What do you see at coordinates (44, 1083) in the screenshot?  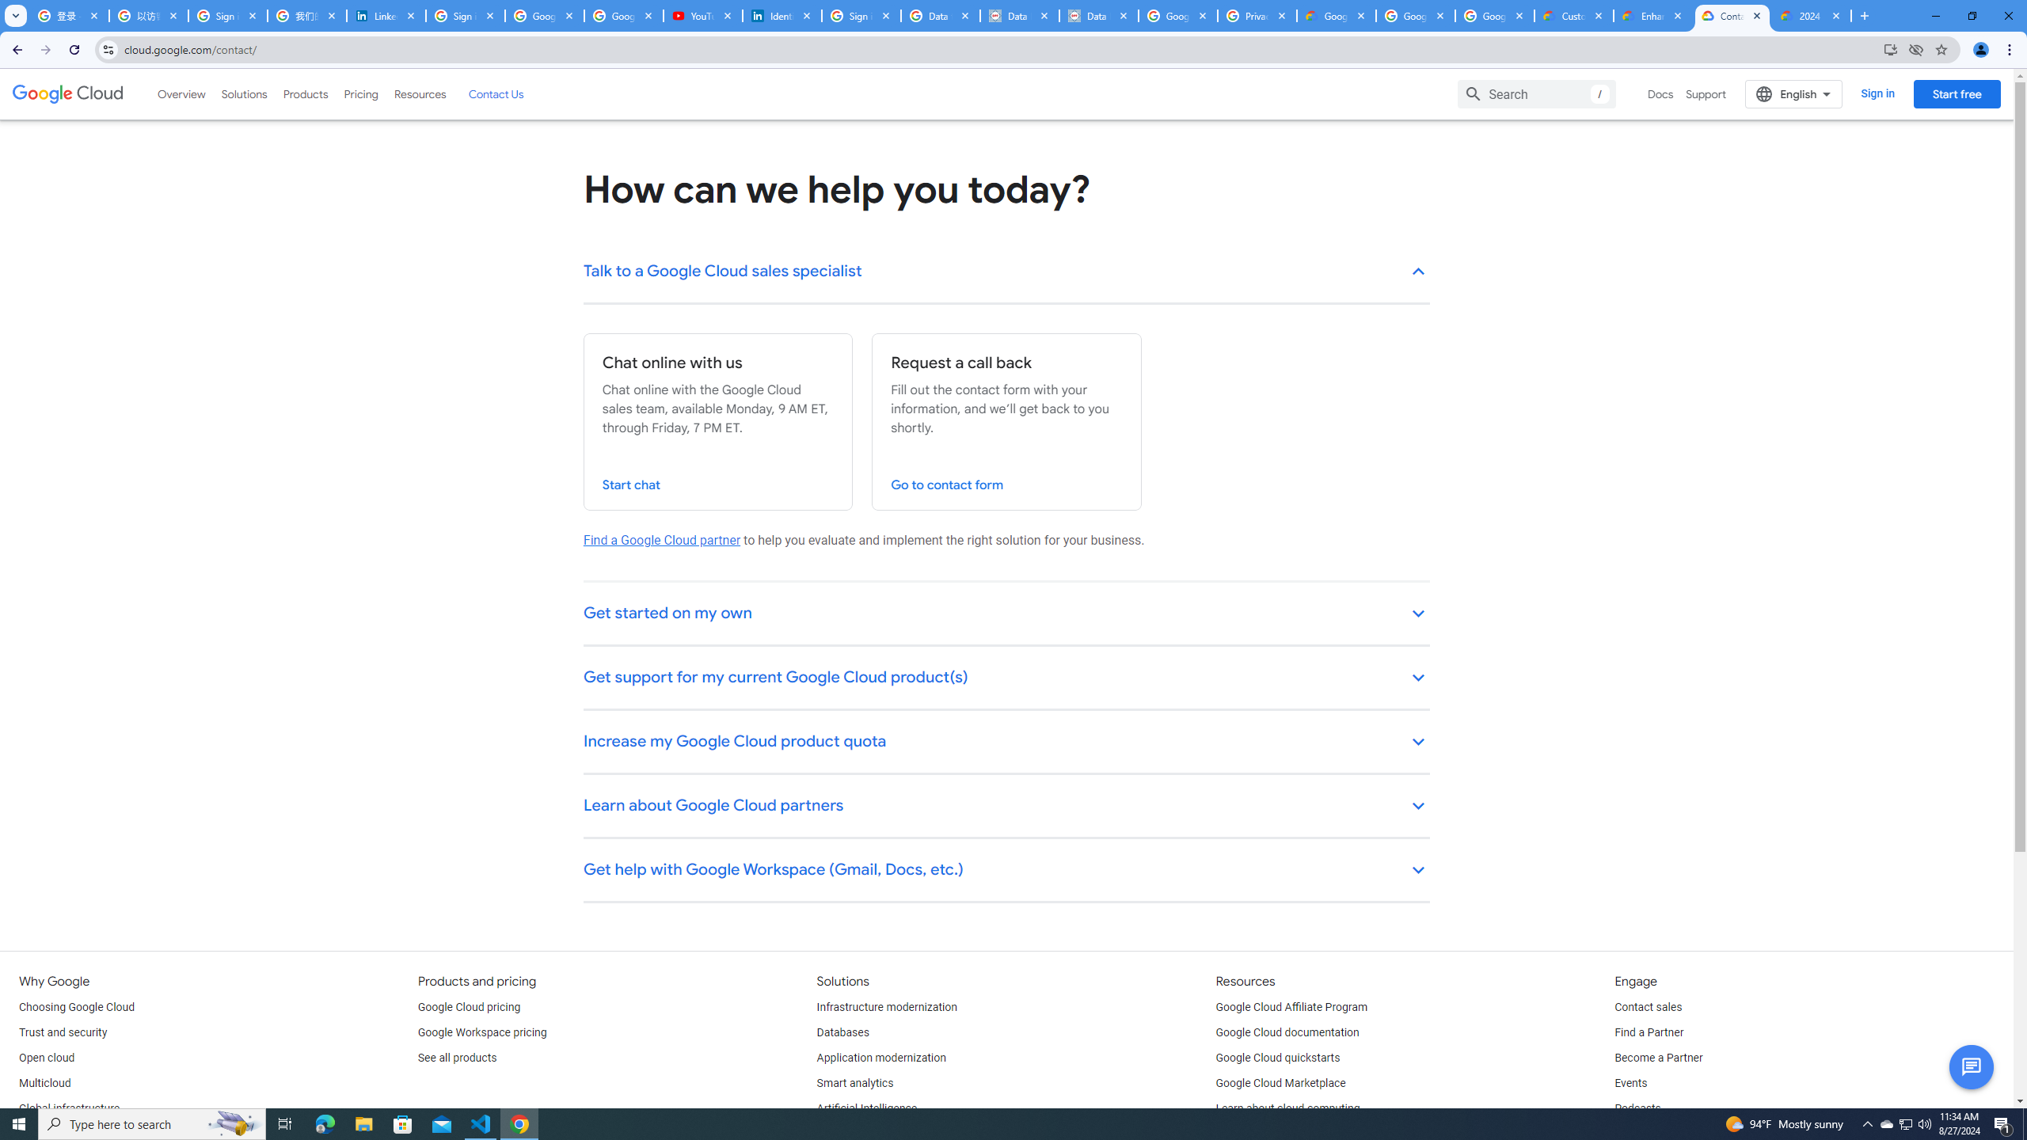 I see `'Multicloud'` at bounding box center [44, 1083].